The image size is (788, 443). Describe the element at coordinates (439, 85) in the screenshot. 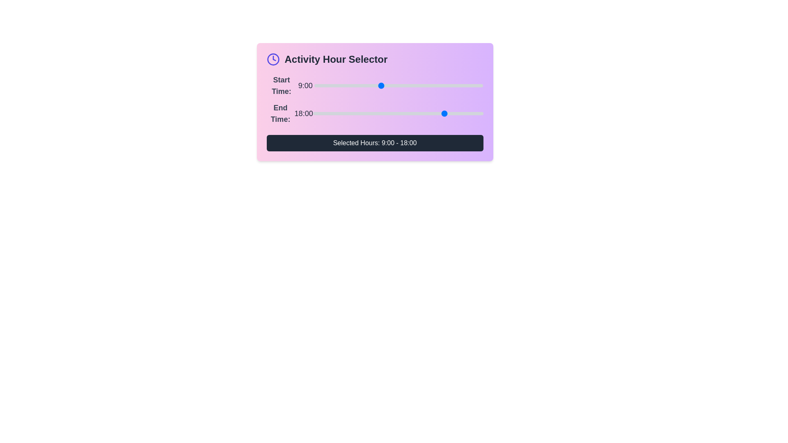

I see `the start time slider to set the hour to 17` at that location.